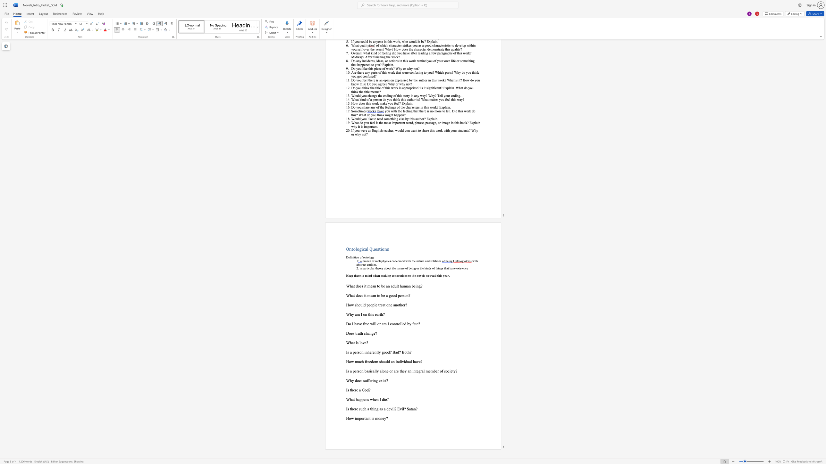 The width and height of the screenshot is (826, 464). What do you see at coordinates (349, 418) in the screenshot?
I see `the subset text "ow imp" within the text "How important is money?"` at bounding box center [349, 418].